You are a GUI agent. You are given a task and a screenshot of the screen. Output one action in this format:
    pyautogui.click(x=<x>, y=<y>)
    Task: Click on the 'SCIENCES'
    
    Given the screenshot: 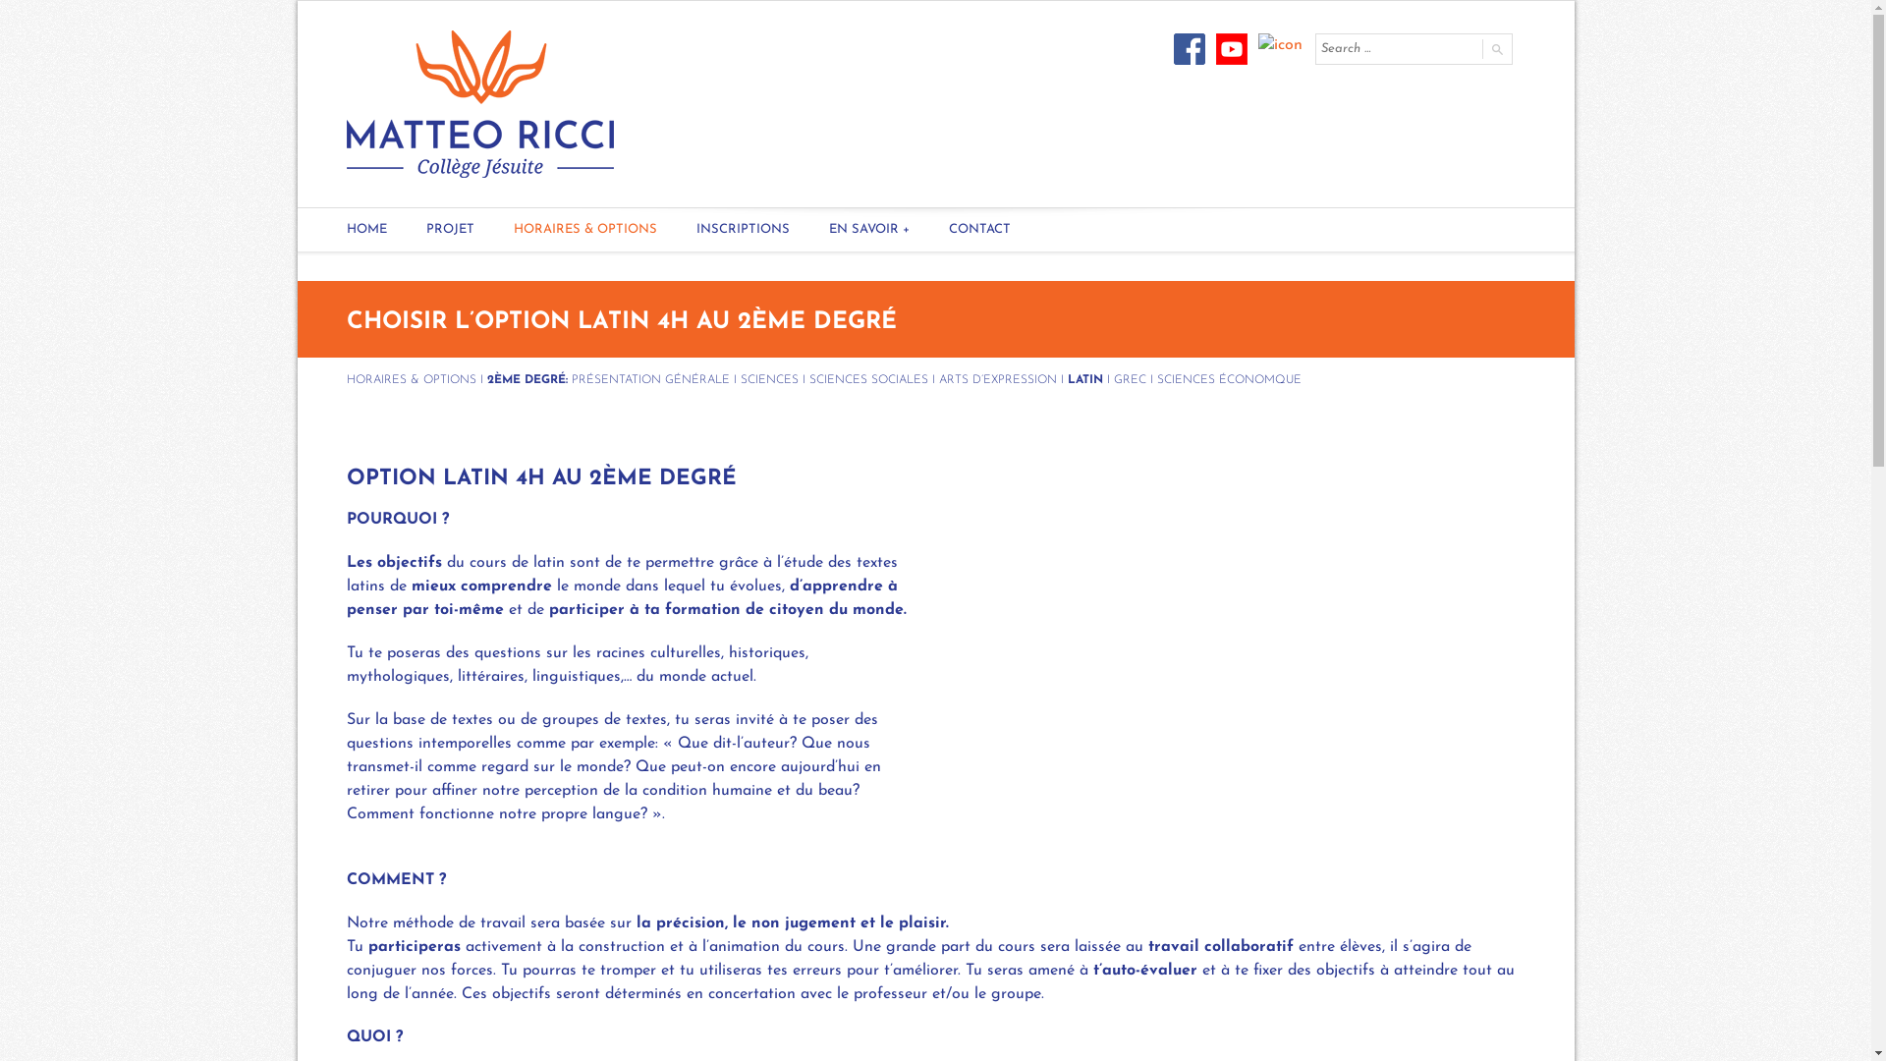 What is the action you would take?
    pyautogui.click(x=768, y=379)
    